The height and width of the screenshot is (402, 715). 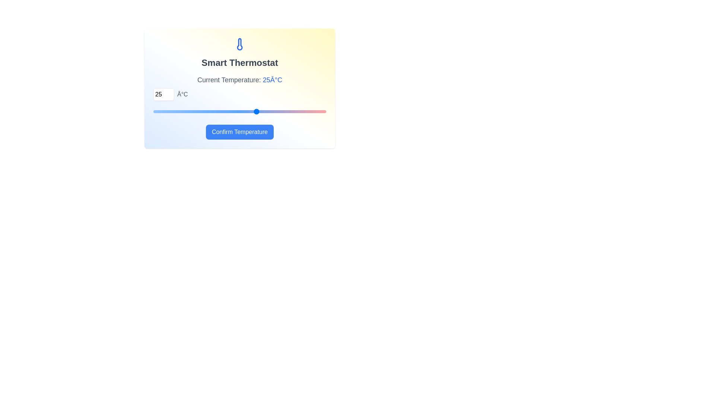 I want to click on the temperature to 23°C using the slider, so click(x=243, y=112).